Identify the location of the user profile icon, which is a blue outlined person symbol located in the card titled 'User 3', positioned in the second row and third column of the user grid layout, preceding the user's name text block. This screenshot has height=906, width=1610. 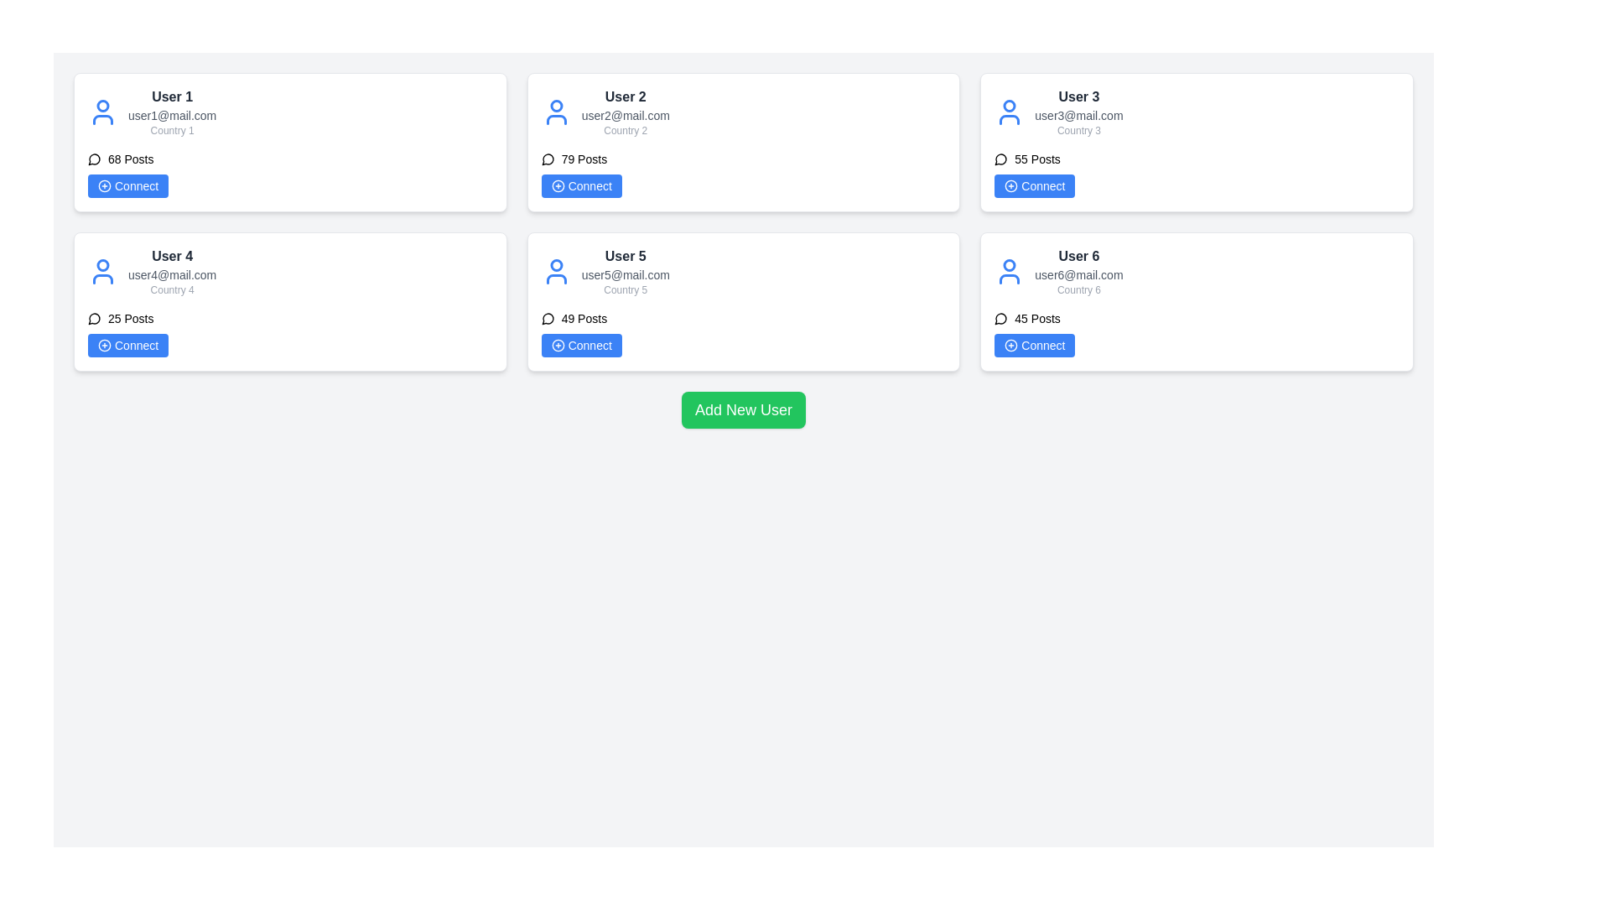
(1009, 112).